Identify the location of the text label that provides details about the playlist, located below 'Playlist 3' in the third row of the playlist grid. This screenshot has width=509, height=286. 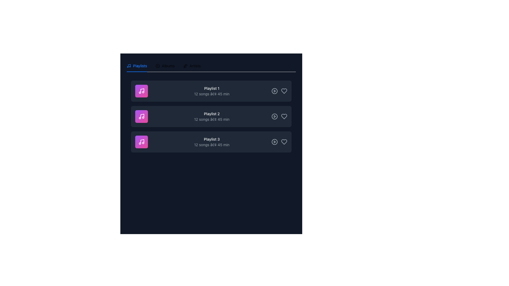
(211, 145).